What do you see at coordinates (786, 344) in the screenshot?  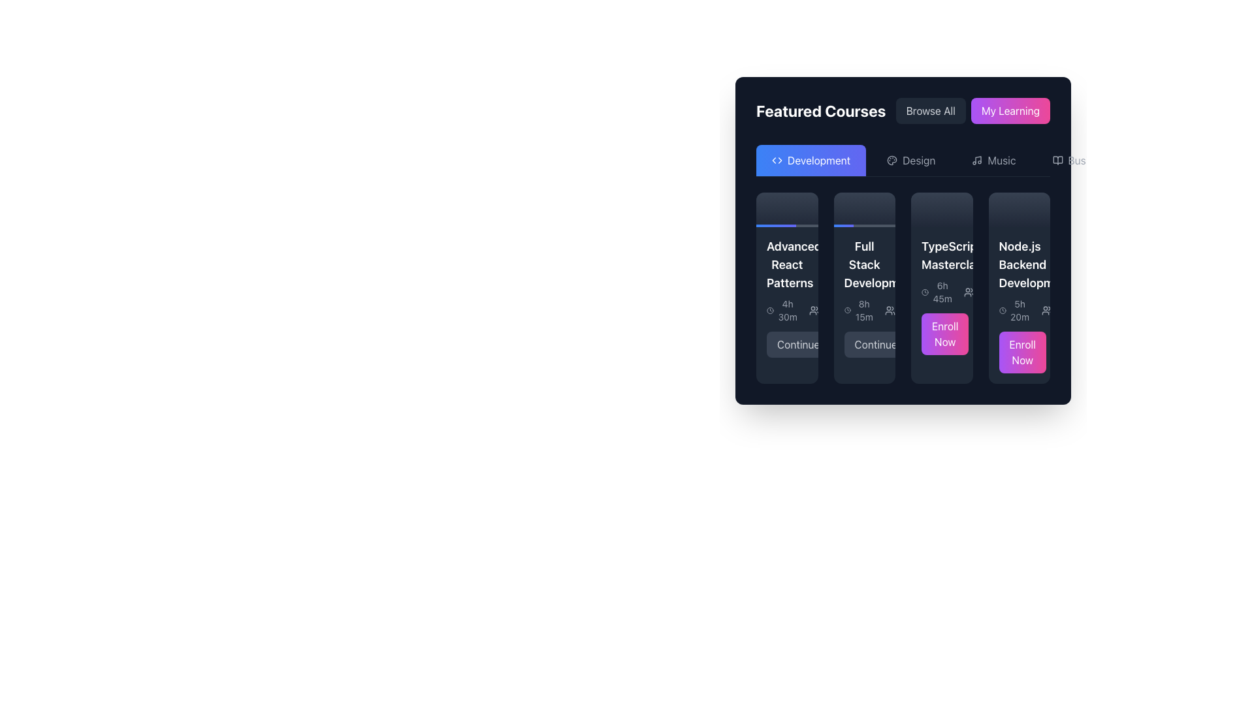 I see `the 'Continue' button with a modern flat UI design in the 'Advanced React Patterns' course card` at bounding box center [786, 344].